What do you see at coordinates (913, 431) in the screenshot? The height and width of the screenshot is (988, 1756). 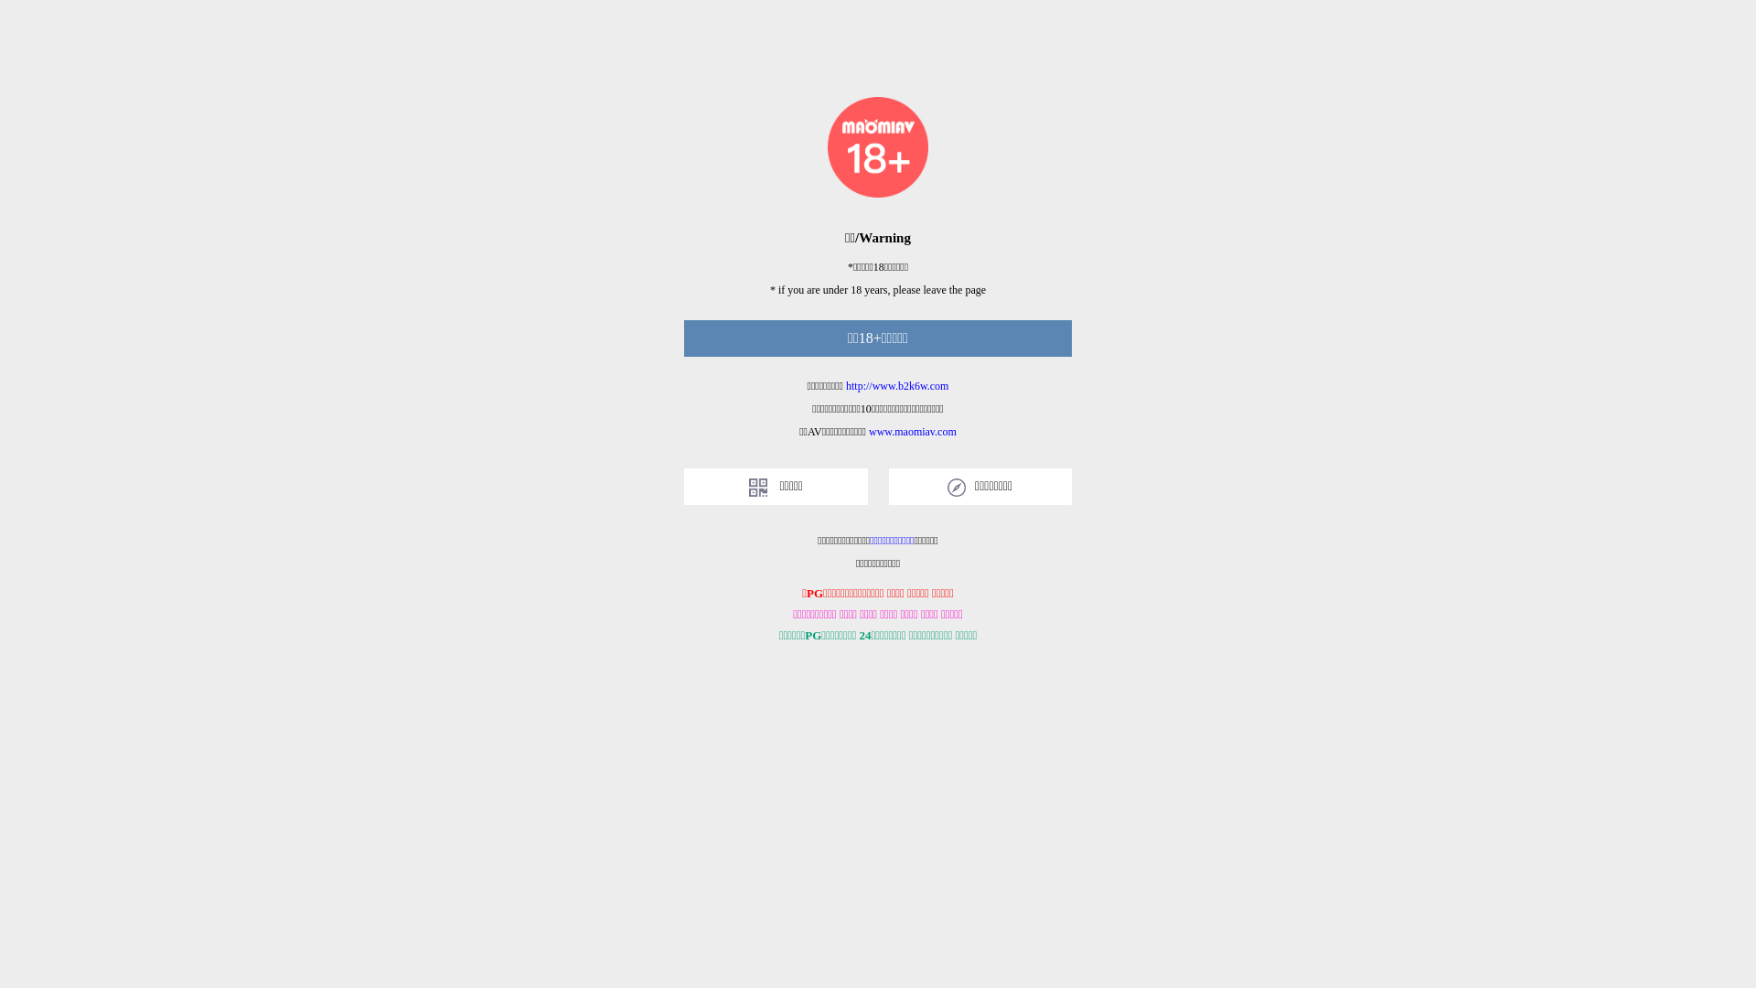 I see `'www.maomiav.com'` at bounding box center [913, 431].